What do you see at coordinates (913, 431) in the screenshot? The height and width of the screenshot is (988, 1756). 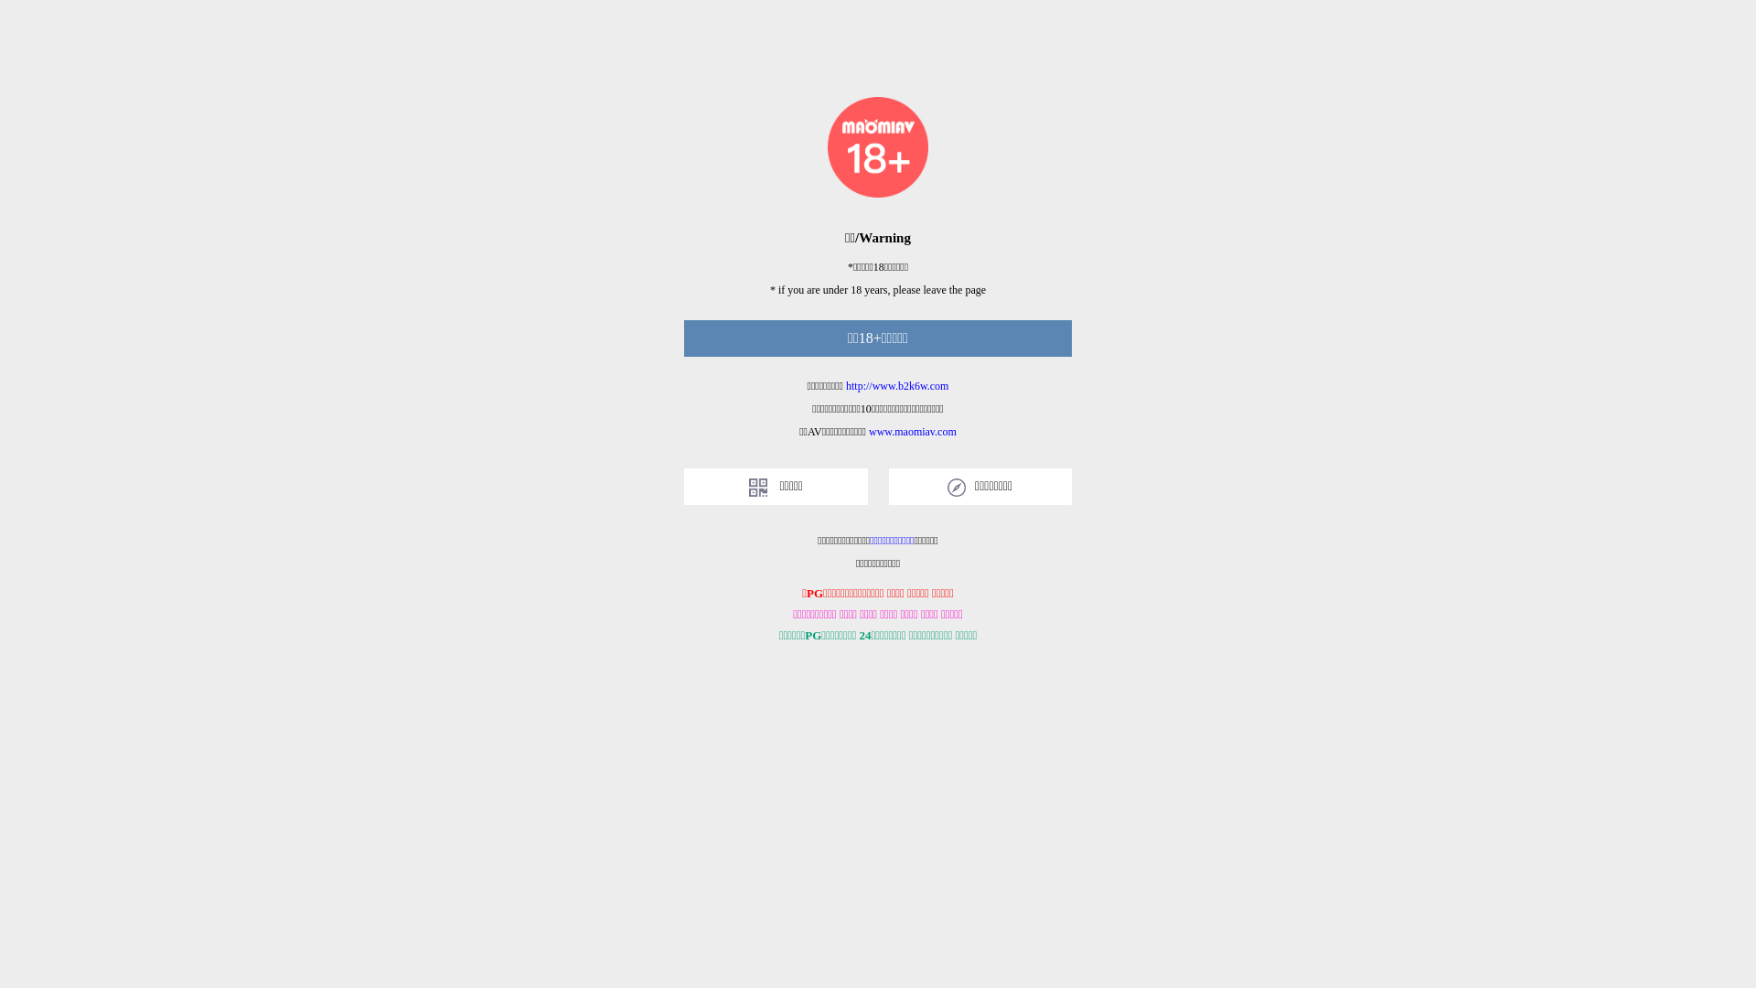 I see `'www.maomiav.com'` at bounding box center [913, 431].